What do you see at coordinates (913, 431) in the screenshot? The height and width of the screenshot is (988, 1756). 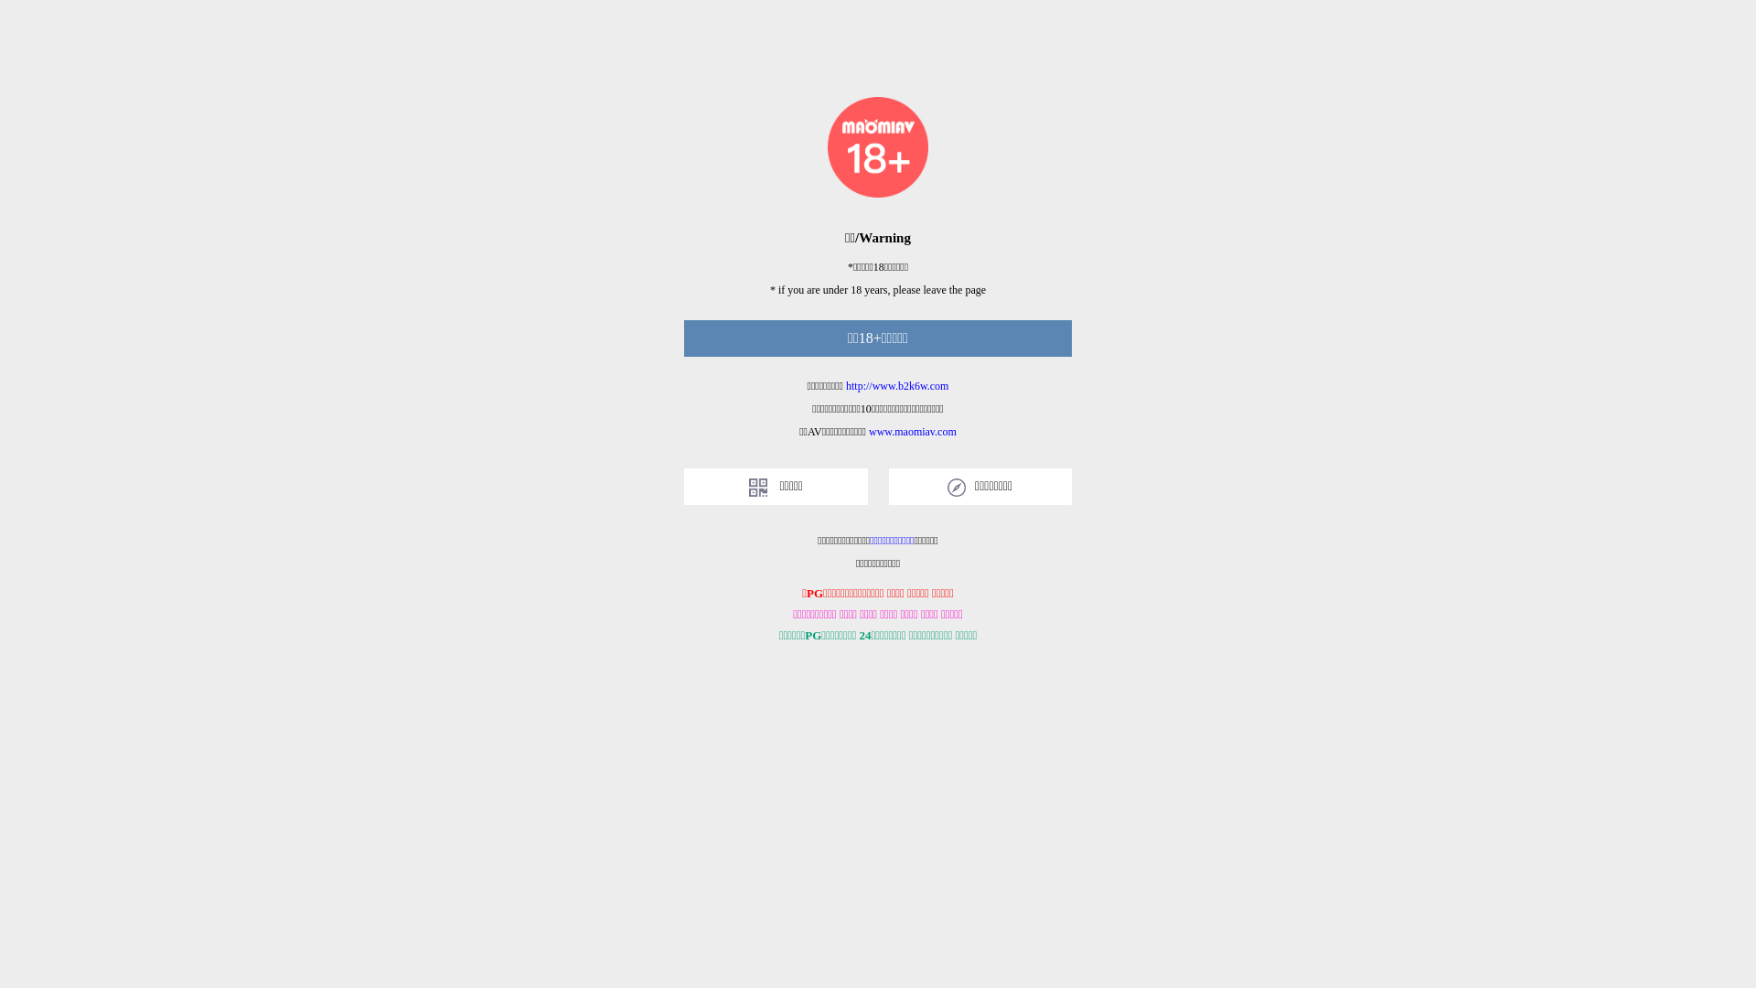 I see `'www.maomiav.com'` at bounding box center [913, 431].